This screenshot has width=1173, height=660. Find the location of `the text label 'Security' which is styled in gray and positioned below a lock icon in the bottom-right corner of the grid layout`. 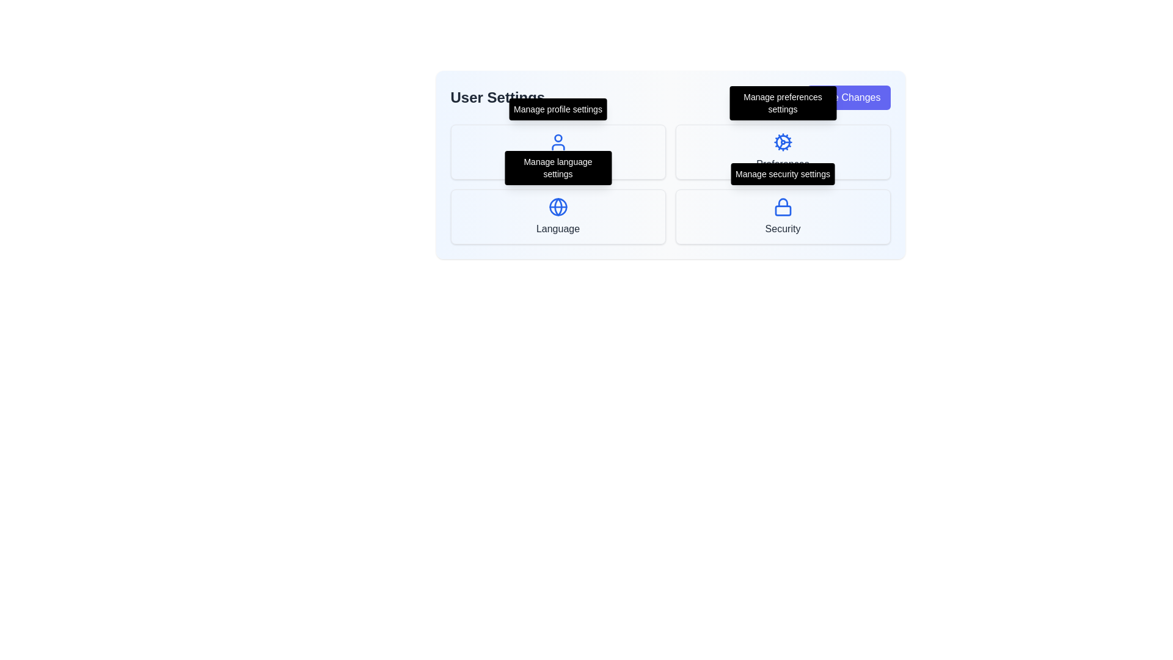

the text label 'Security' which is styled in gray and positioned below a lock icon in the bottom-right corner of the grid layout is located at coordinates (783, 229).